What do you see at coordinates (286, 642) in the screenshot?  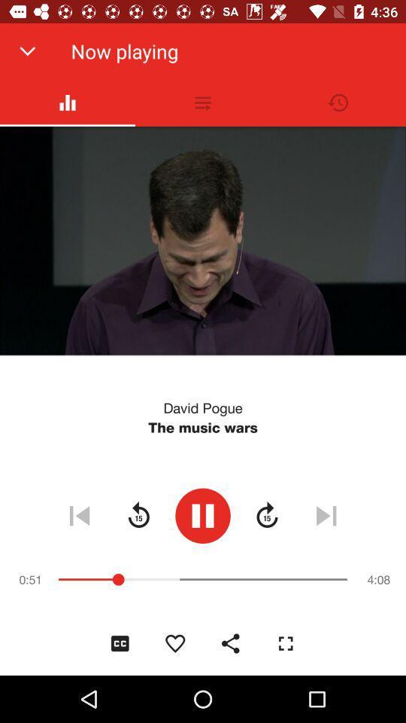 I see `the fullscreen icon` at bounding box center [286, 642].